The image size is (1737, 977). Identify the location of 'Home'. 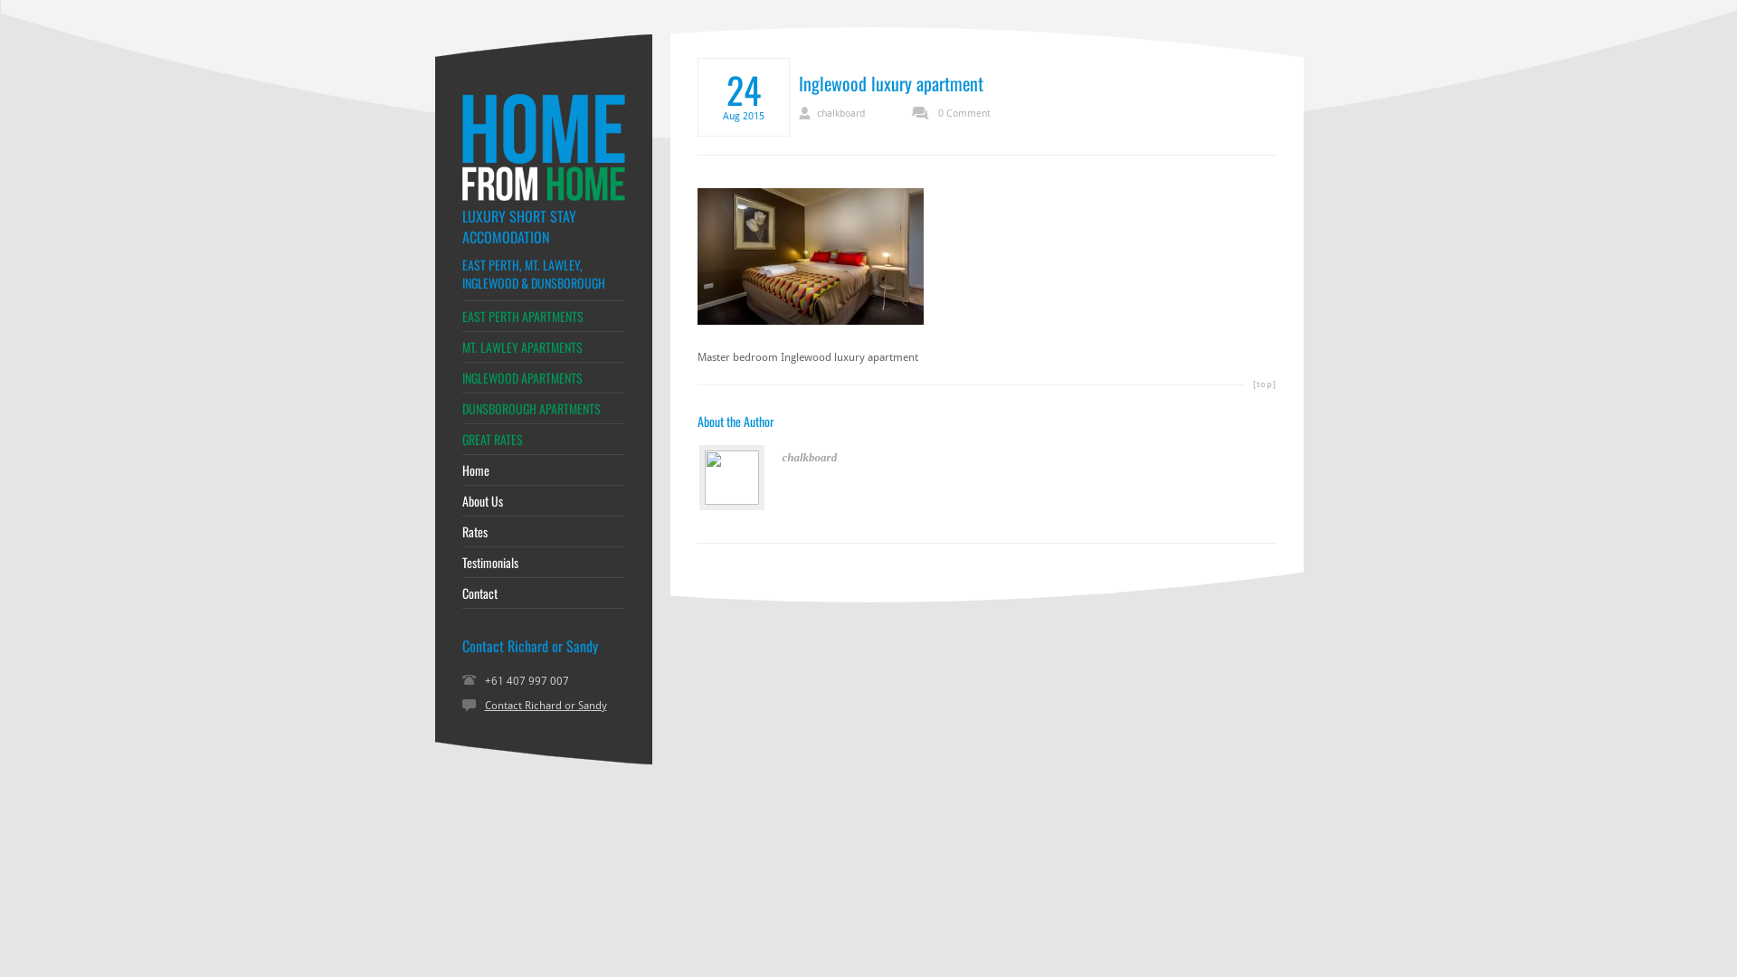
(542, 470).